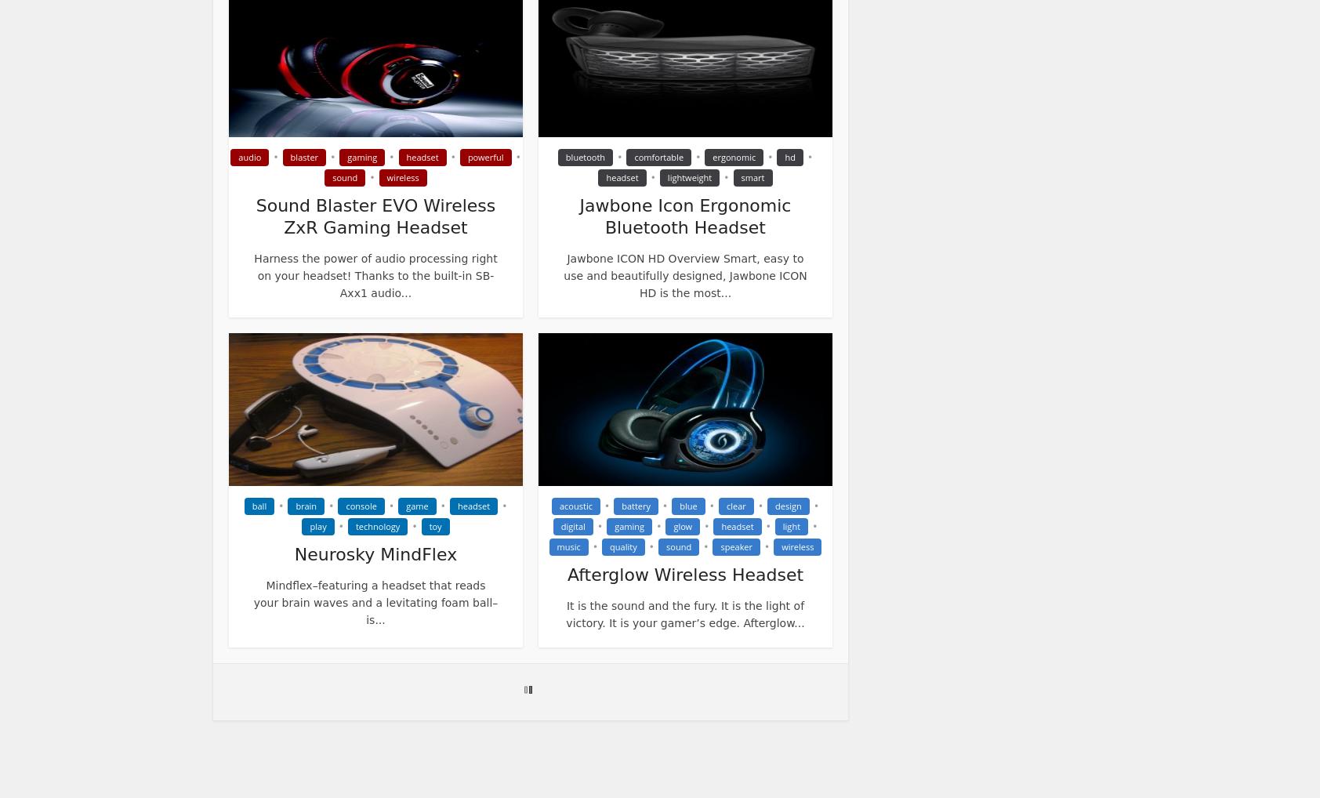 Image resolution: width=1320 pixels, height=798 pixels. Describe the element at coordinates (684, 574) in the screenshot. I see `'Afterglow Wireless Headset'` at that location.